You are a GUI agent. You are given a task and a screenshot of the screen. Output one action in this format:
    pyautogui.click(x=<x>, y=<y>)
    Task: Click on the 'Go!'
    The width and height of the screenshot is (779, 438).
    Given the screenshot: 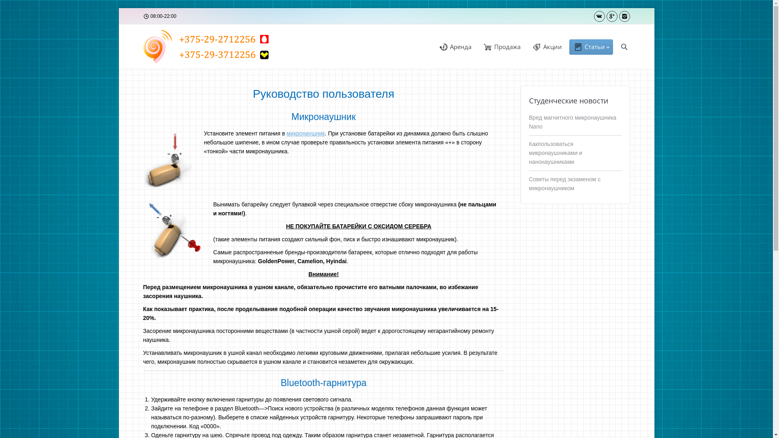 What is the action you would take?
    pyautogui.click(x=8, y=6)
    